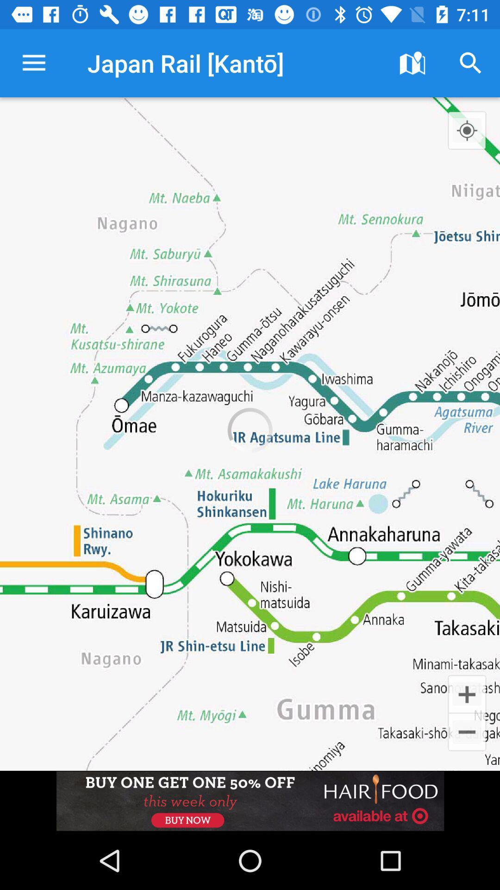 The height and width of the screenshot is (890, 500). What do you see at coordinates (467, 731) in the screenshot?
I see `the minus icon` at bounding box center [467, 731].